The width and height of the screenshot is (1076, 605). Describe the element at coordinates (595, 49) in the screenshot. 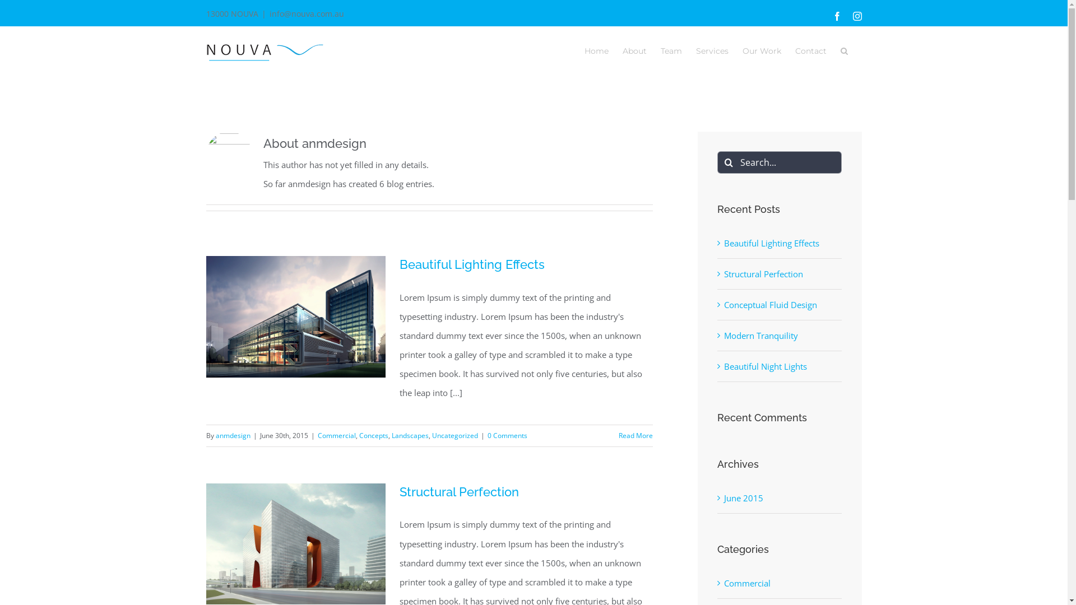

I see `'Home'` at that location.